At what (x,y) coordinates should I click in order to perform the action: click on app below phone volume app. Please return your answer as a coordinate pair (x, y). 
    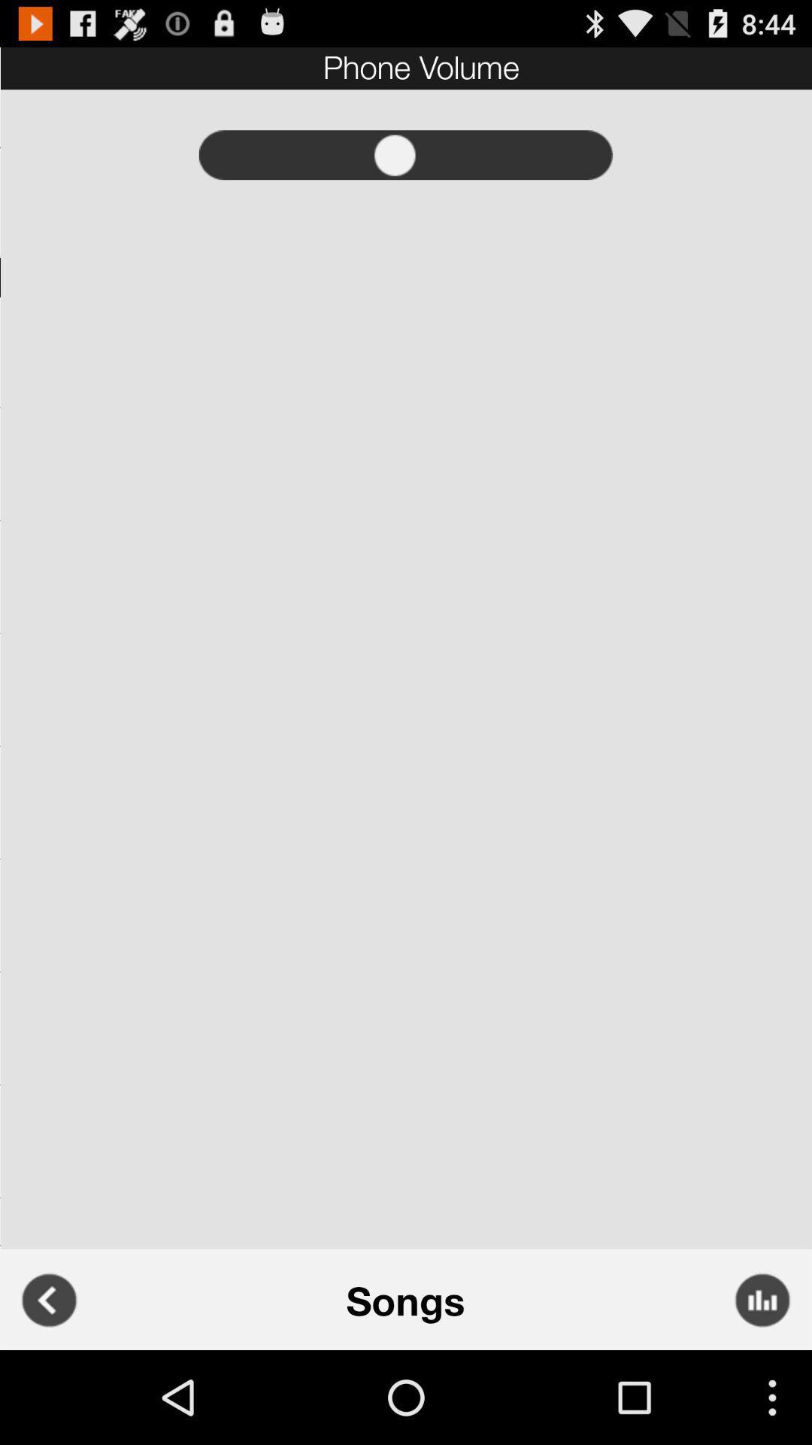
    Looking at the image, I should click on (406, 155).